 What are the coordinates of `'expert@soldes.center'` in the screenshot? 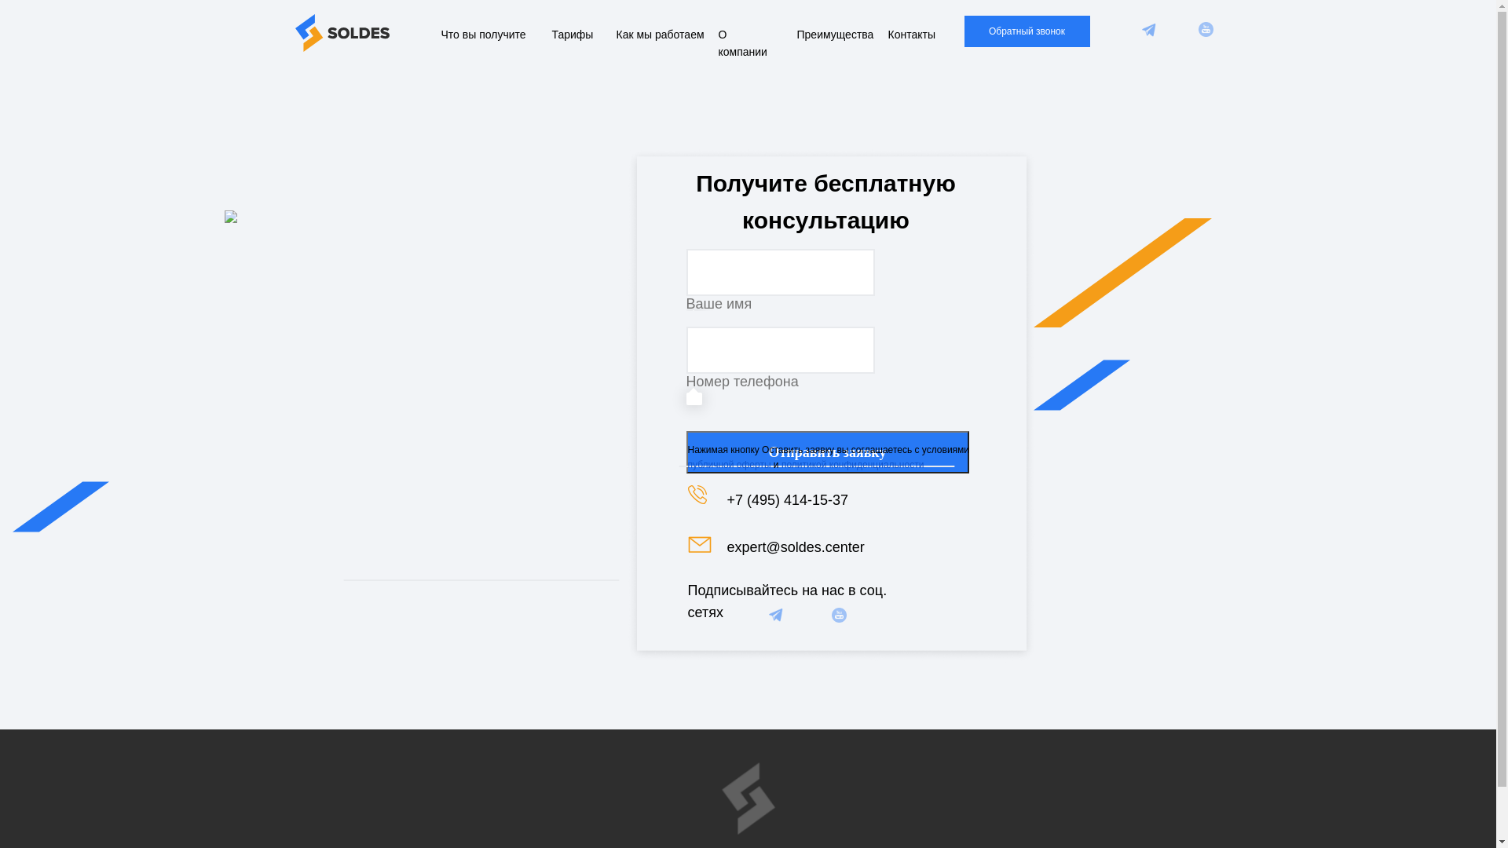 It's located at (796, 546).